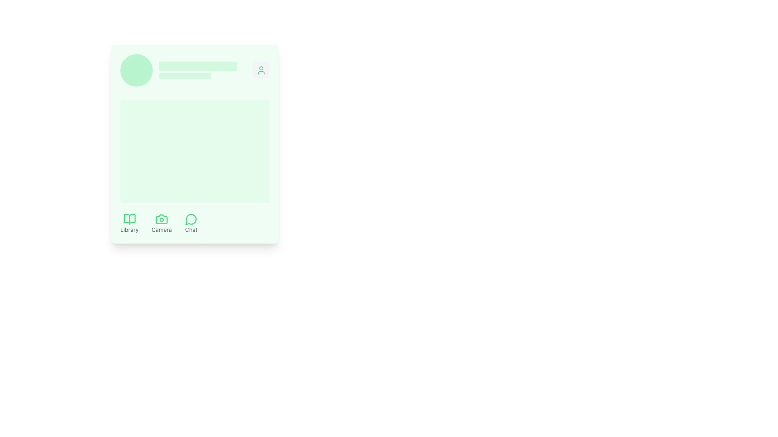  I want to click on the 'Camera' icon in the navigation bar, so click(159, 223).